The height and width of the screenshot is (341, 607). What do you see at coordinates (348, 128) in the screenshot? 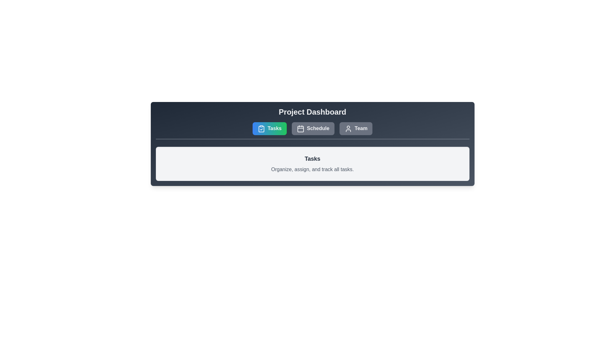
I see `the 'Team' icon located third from the left in the horizontal array of buttons under the 'Project Dashboard' header` at bounding box center [348, 128].